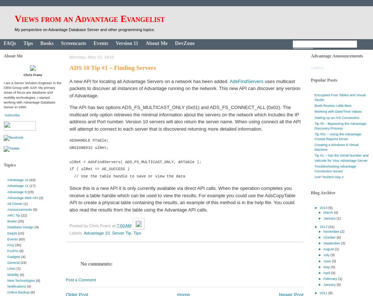 The image size is (373, 296). What do you see at coordinates (13, 256) in the screenshot?
I see `'Gadgets'` at bounding box center [13, 256].